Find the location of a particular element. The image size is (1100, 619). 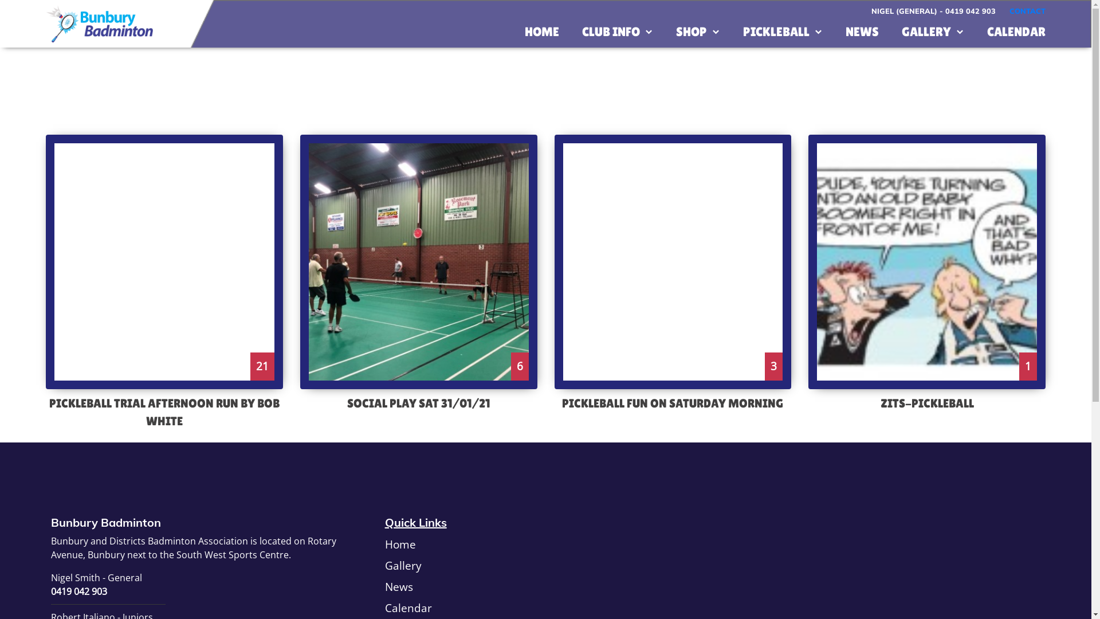

'GALLERY' is located at coordinates (933, 32).